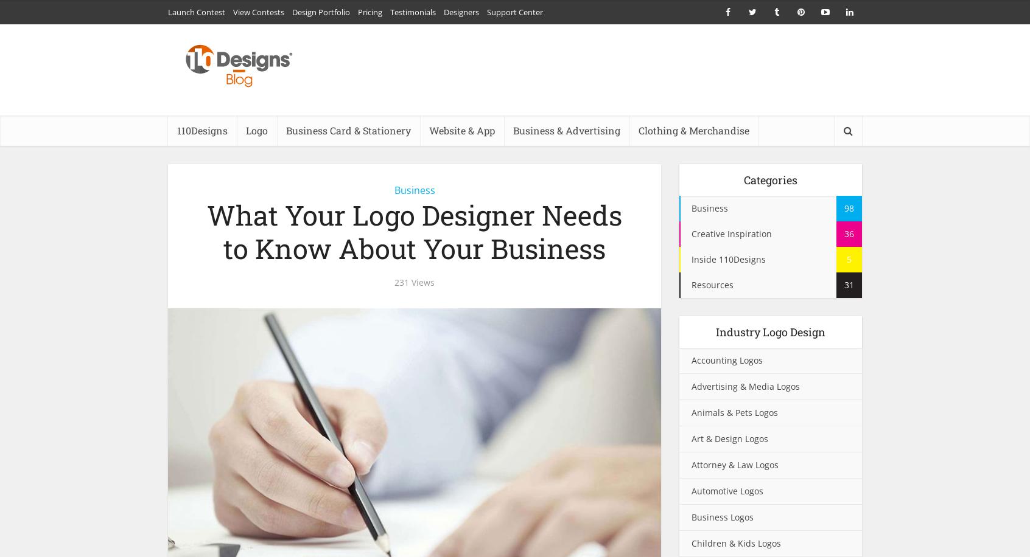  I want to click on 'Business Card & Stationery', so click(348, 130).